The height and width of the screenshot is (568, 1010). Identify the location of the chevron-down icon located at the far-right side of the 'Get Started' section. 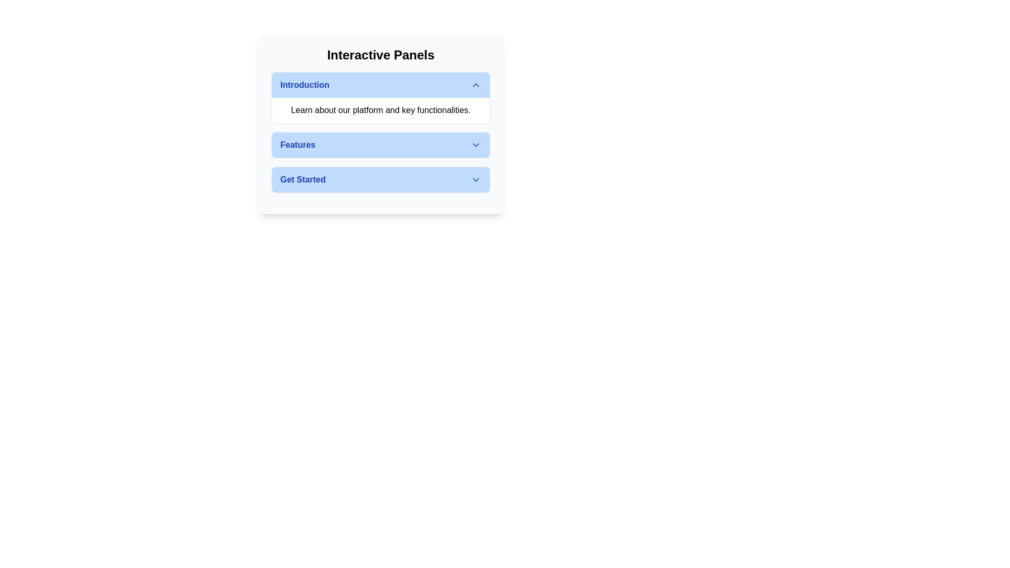
(476, 179).